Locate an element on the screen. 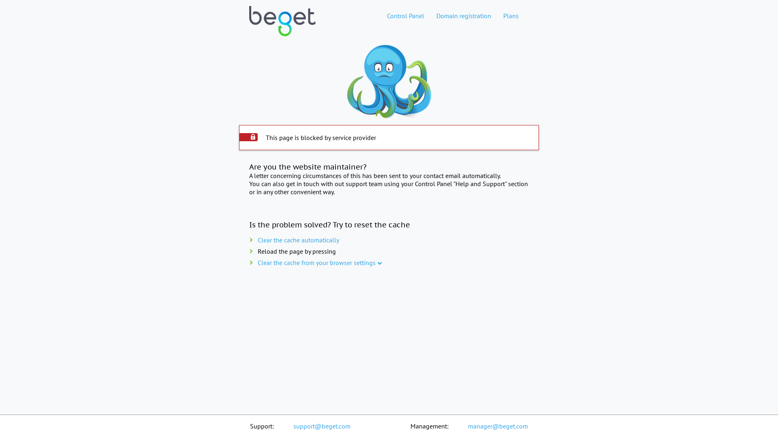 This screenshot has width=778, height=437. 'manager@beget.com' is located at coordinates (468, 426).